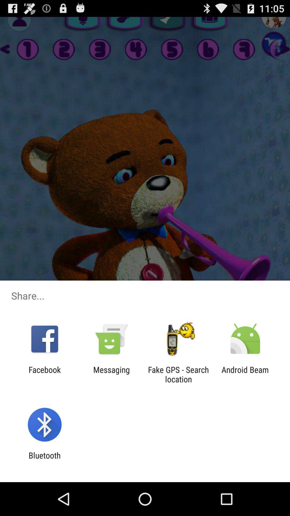 This screenshot has height=516, width=290. I want to click on icon to the right of the messaging app, so click(178, 374).